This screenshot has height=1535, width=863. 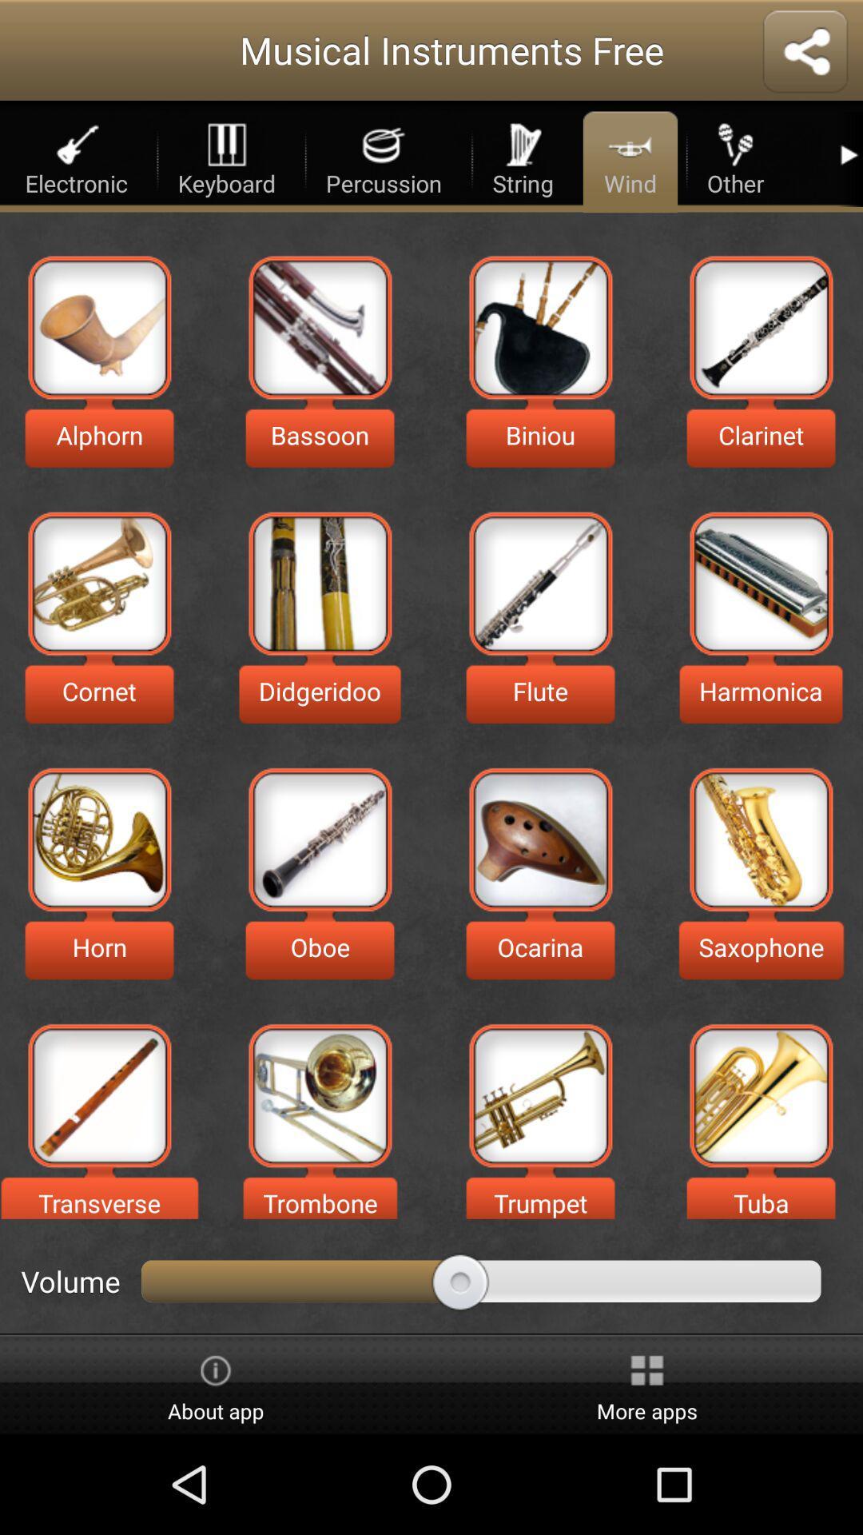 I want to click on click the musical instruments music, so click(x=539, y=839).